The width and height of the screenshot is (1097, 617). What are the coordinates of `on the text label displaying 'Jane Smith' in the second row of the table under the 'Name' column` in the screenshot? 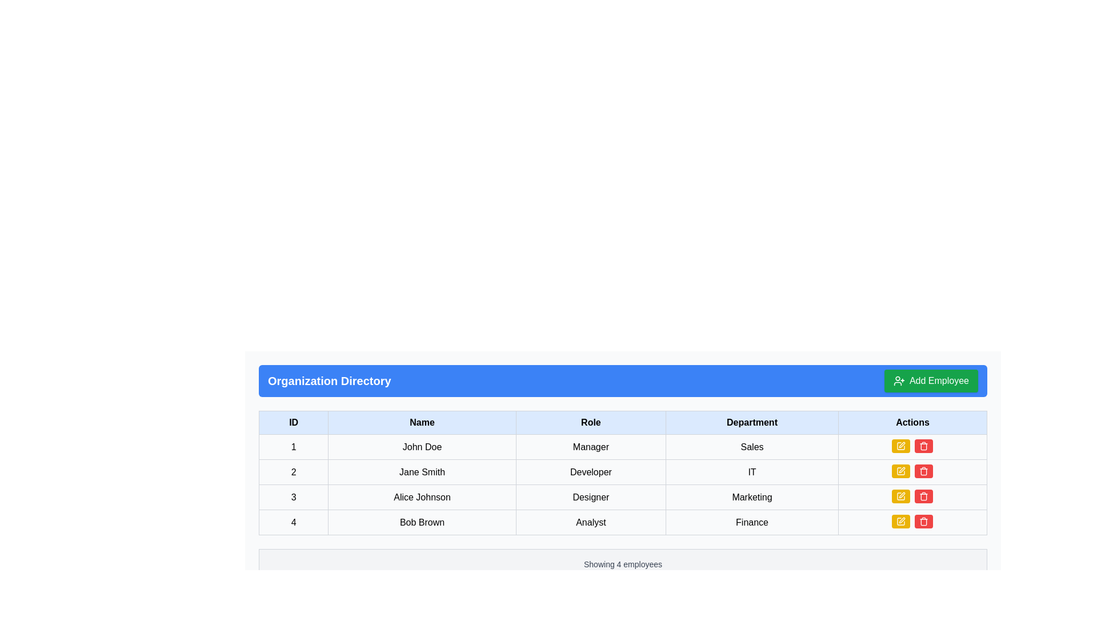 It's located at (422, 472).